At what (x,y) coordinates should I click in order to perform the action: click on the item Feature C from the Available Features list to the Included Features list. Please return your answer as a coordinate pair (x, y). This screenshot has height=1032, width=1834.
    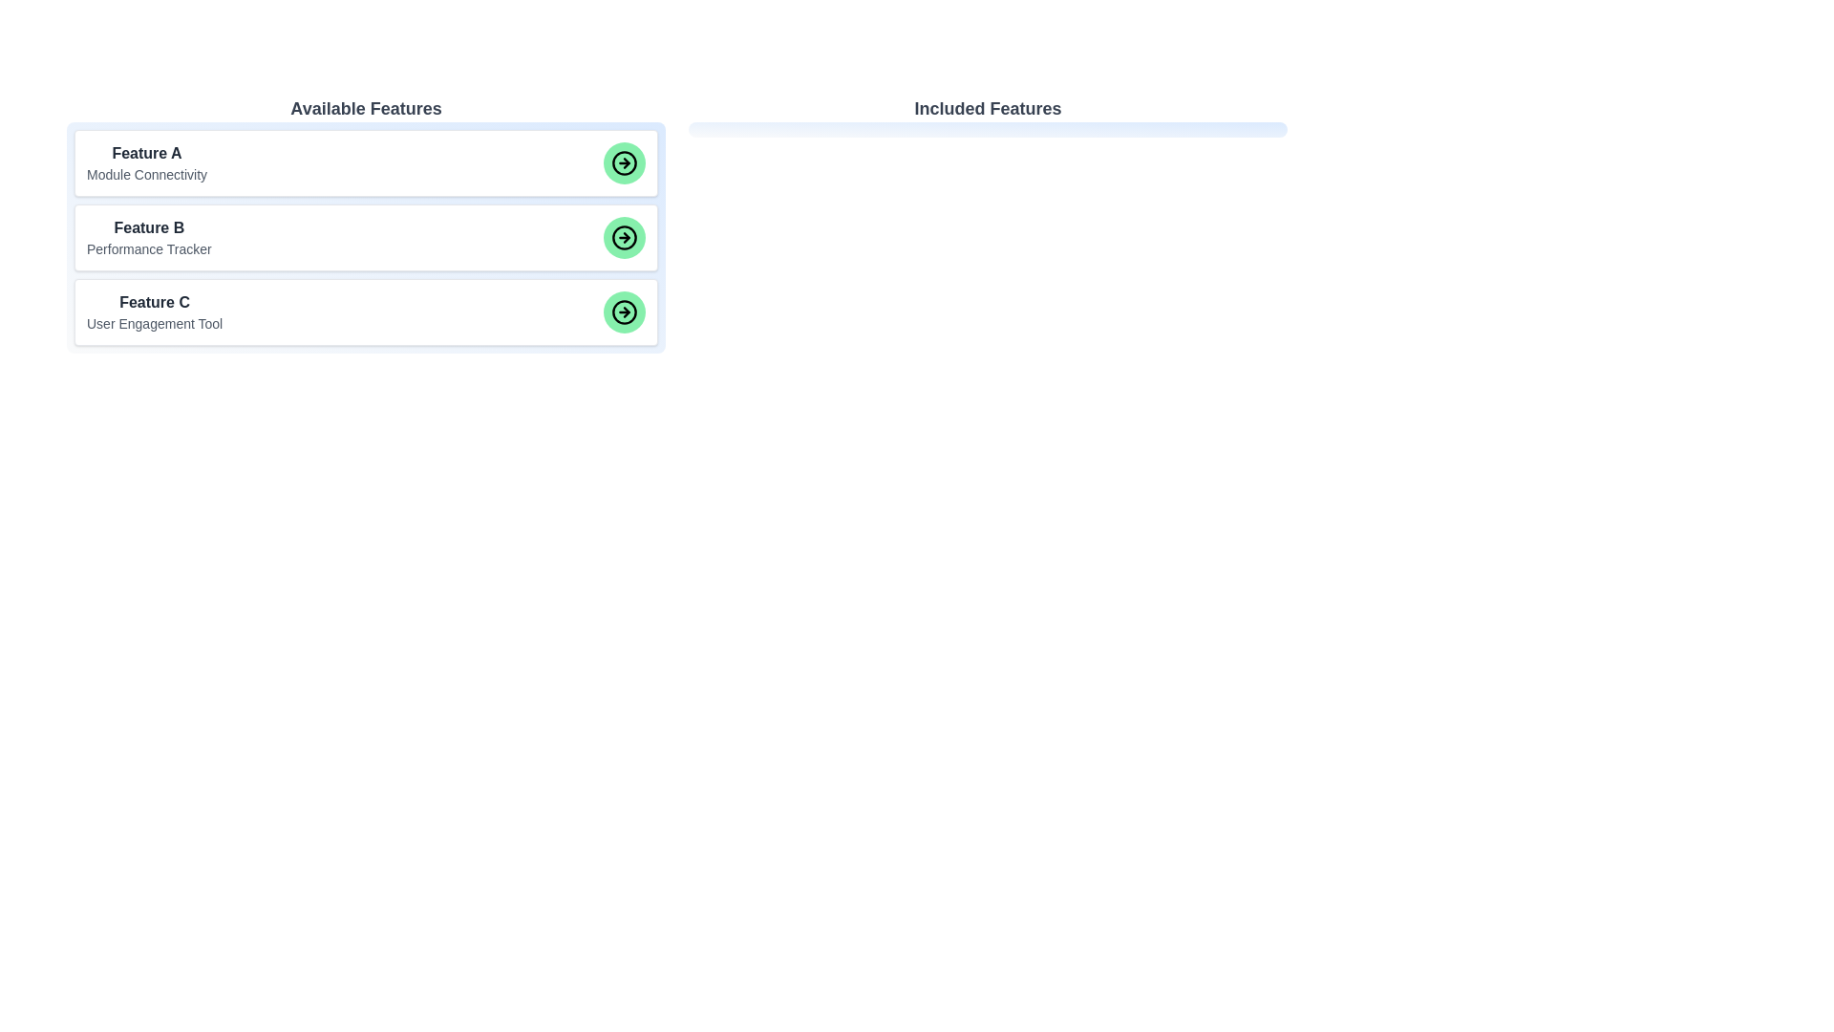
    Looking at the image, I should click on (366, 312).